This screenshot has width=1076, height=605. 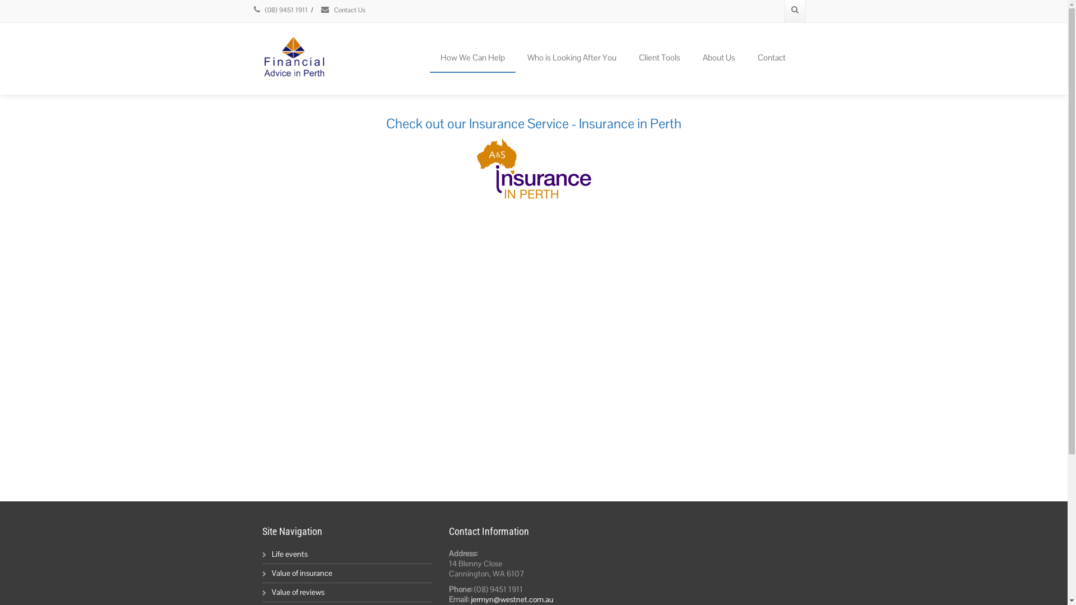 I want to click on 'About Us', so click(x=690, y=58).